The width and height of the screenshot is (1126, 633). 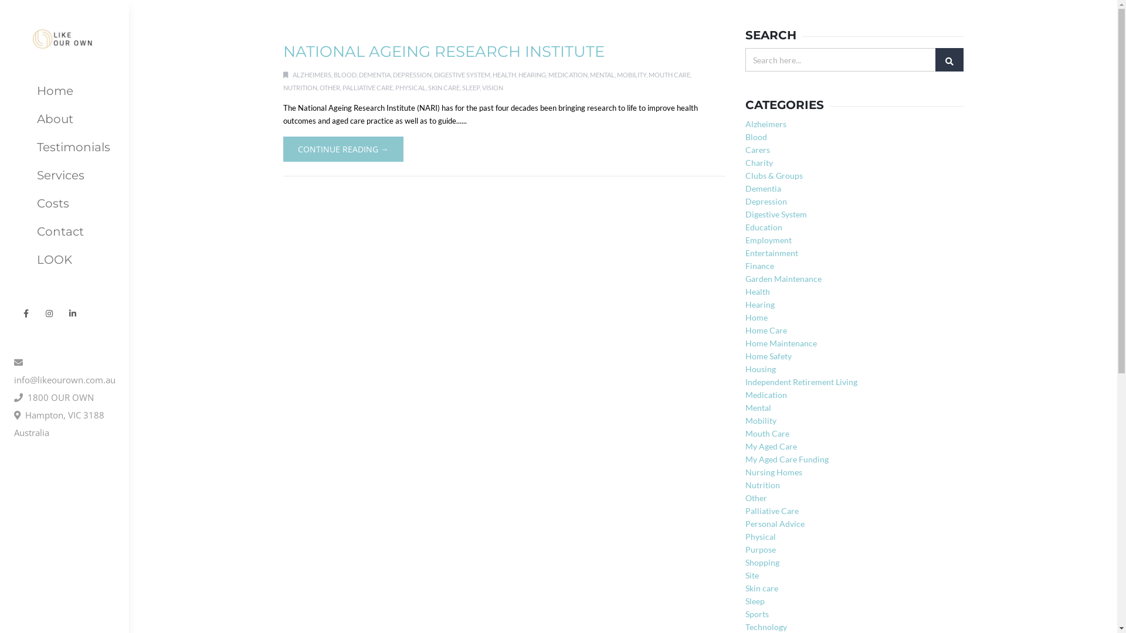 What do you see at coordinates (342, 86) in the screenshot?
I see `'PALLIATIVE CARE'` at bounding box center [342, 86].